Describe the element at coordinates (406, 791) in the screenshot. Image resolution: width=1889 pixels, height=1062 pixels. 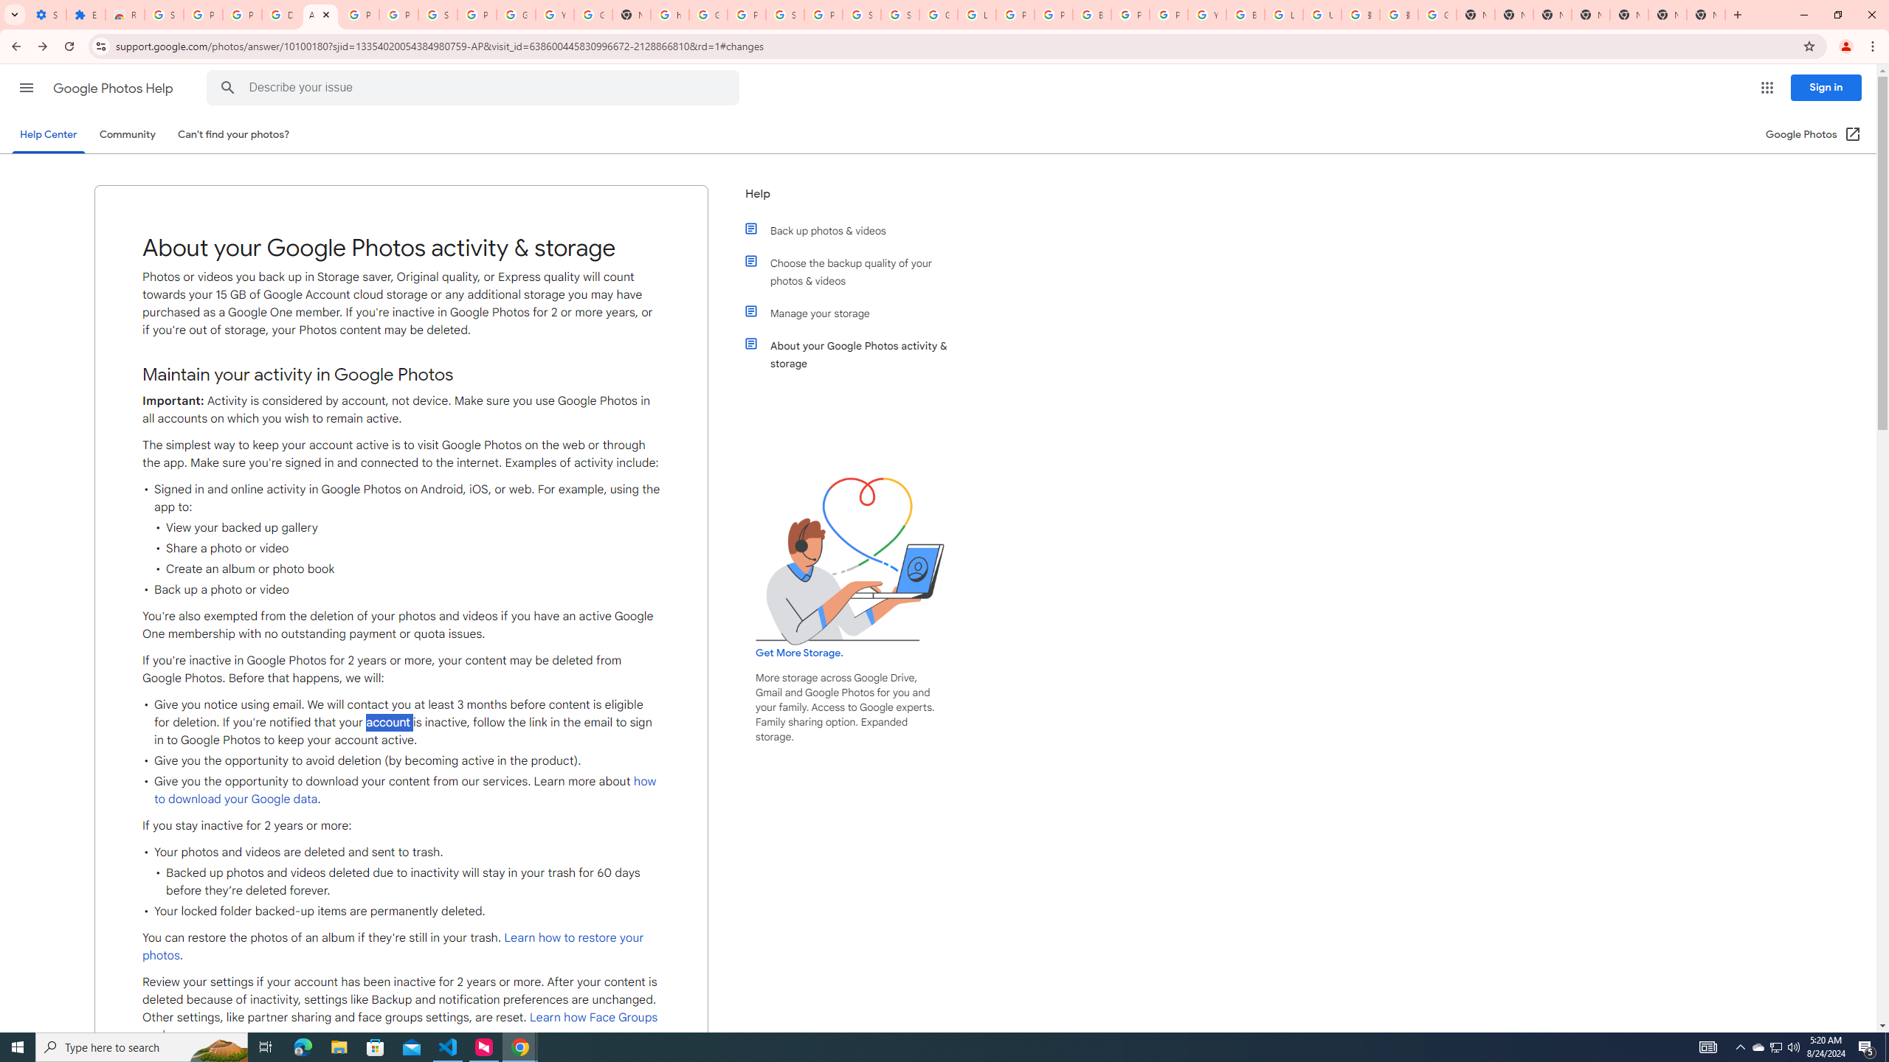
I see `'how to download your Google data'` at that location.